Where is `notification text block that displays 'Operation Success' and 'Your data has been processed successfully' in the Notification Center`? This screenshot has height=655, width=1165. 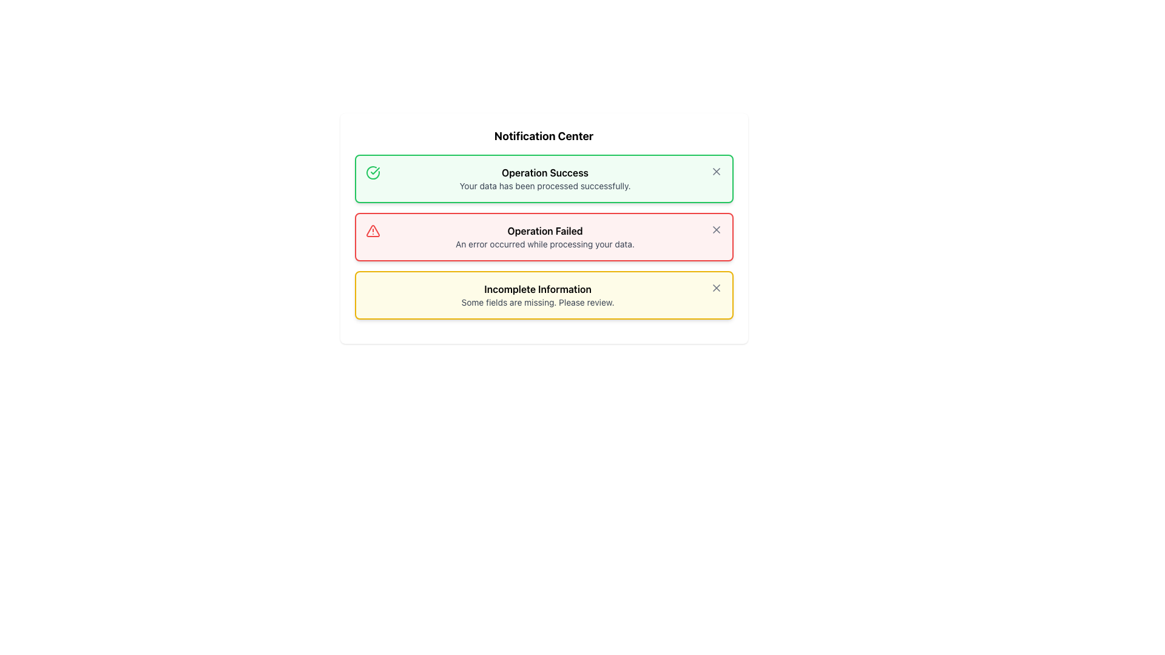 notification text block that displays 'Operation Success' and 'Your data has been processed successfully' in the Notification Center is located at coordinates (544, 178).